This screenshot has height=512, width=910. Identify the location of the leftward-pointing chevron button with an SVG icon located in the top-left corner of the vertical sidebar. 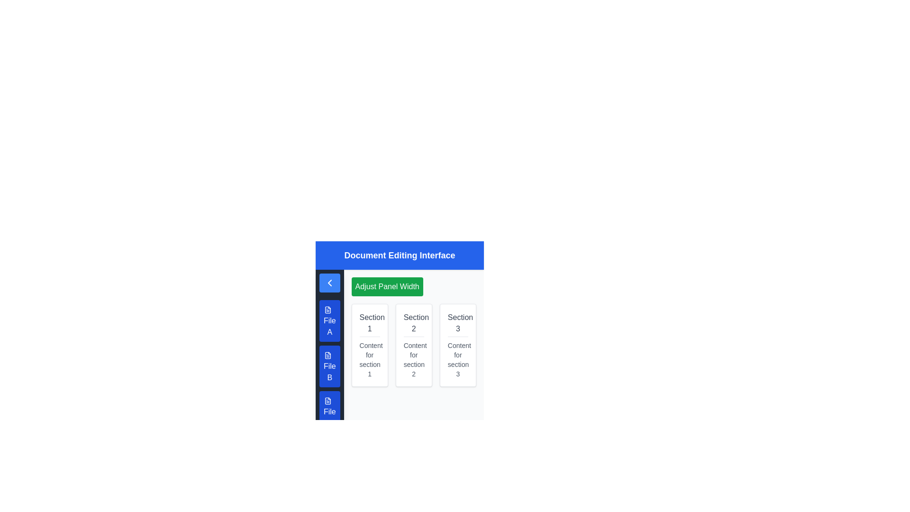
(329, 283).